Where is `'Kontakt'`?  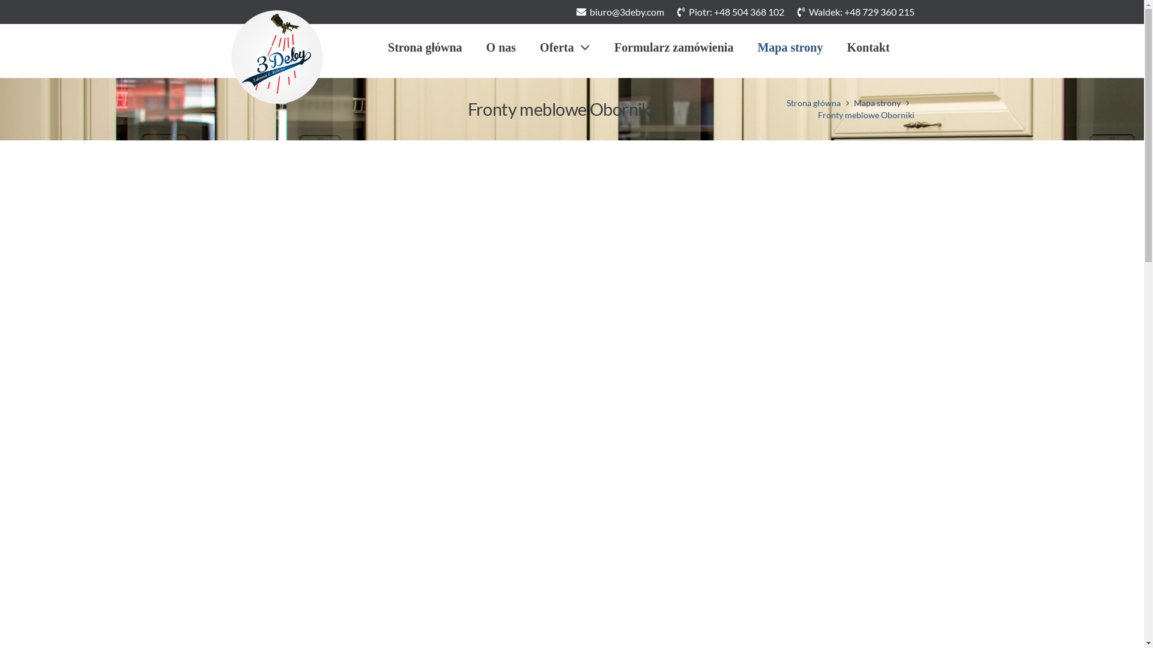 'Kontakt' is located at coordinates (868, 46).